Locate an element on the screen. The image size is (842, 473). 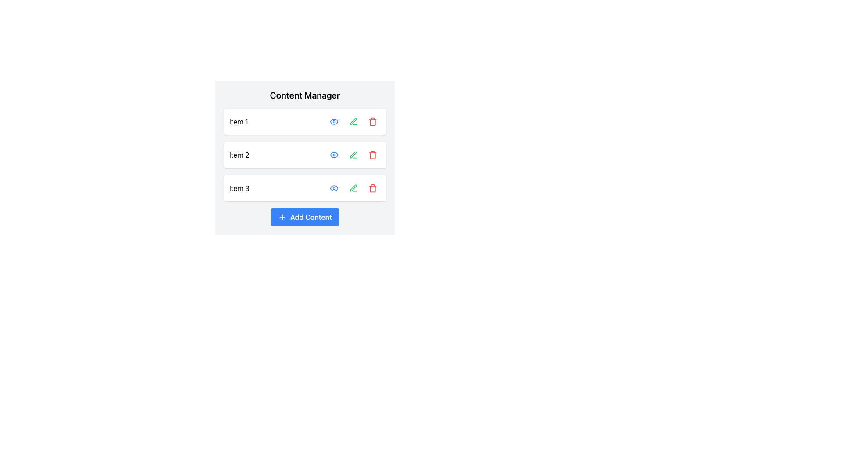
the view icon button located in the first row of the Content Manager section next to 'Item 1' is located at coordinates (334, 121).